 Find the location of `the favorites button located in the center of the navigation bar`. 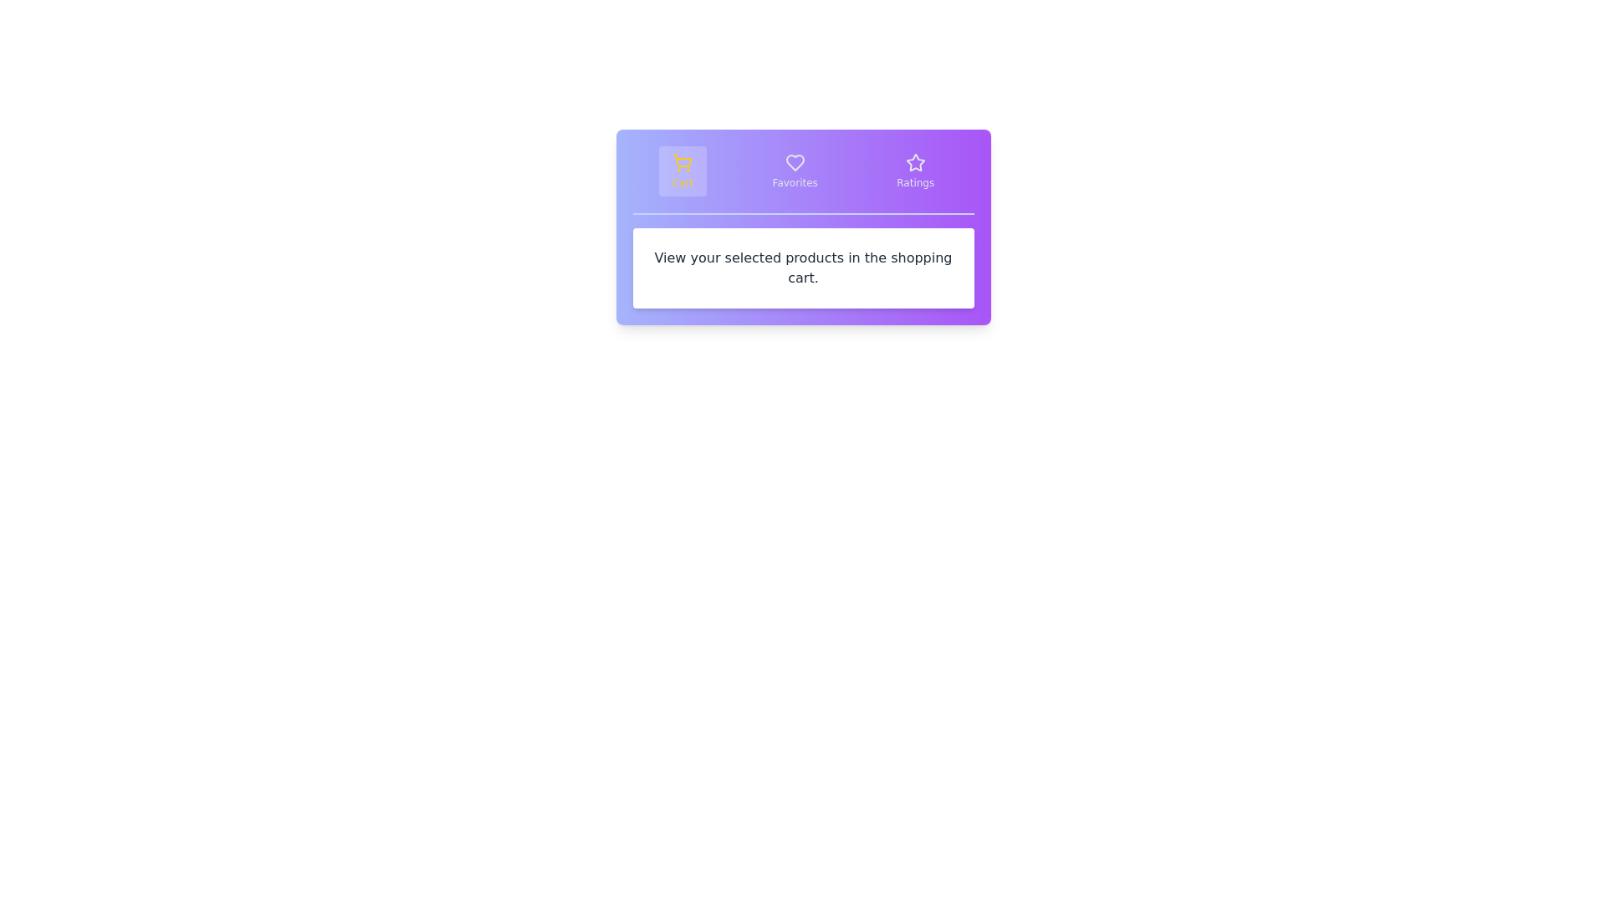

the favorites button located in the center of the navigation bar is located at coordinates (794, 171).